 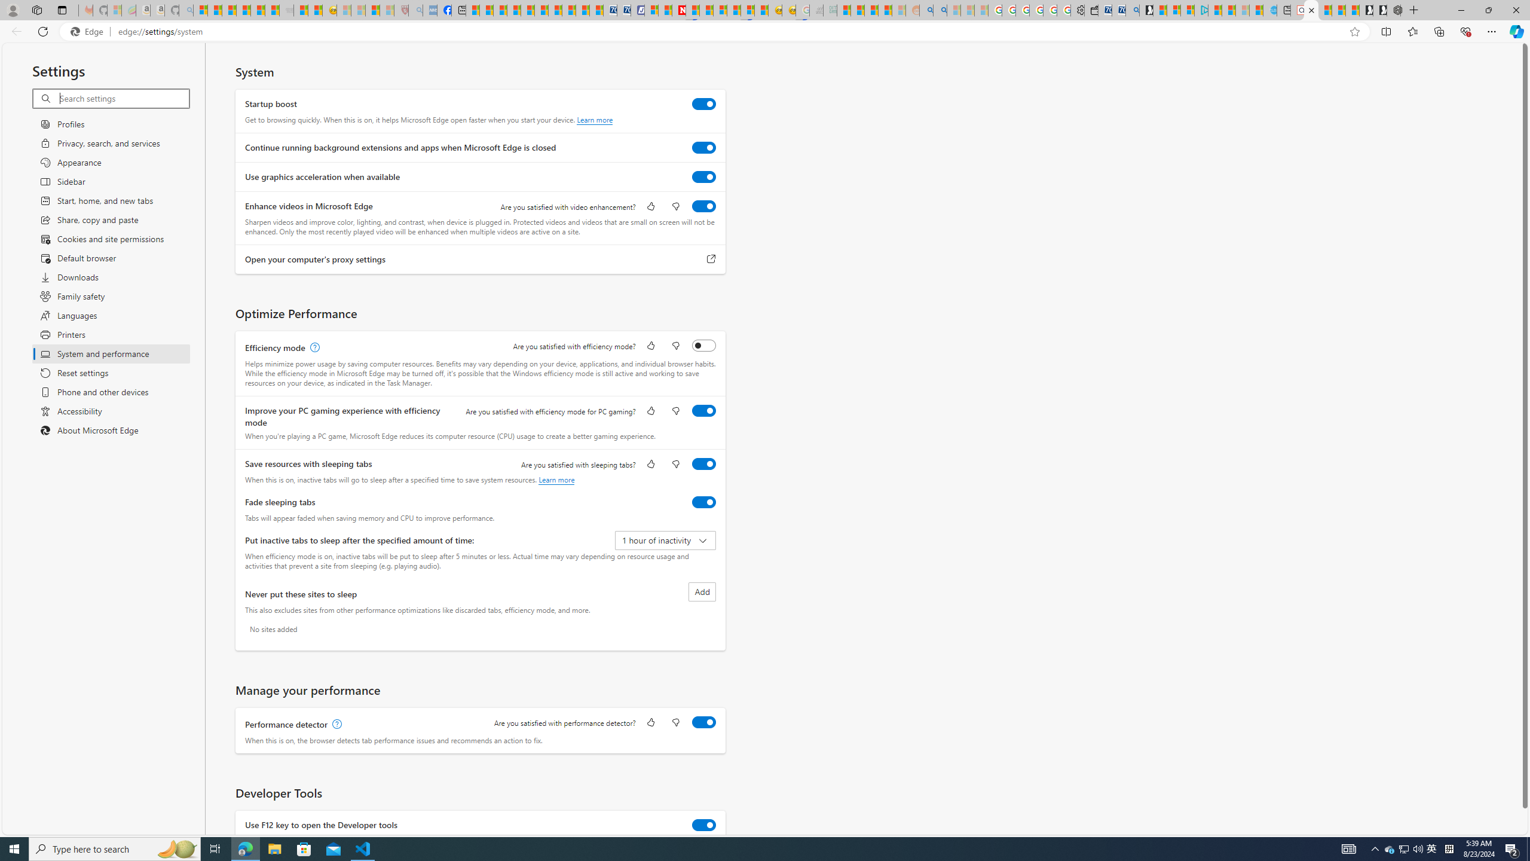 What do you see at coordinates (1131, 10) in the screenshot?
I see `'Bing Real Estate - Home sales and rental listings'` at bounding box center [1131, 10].